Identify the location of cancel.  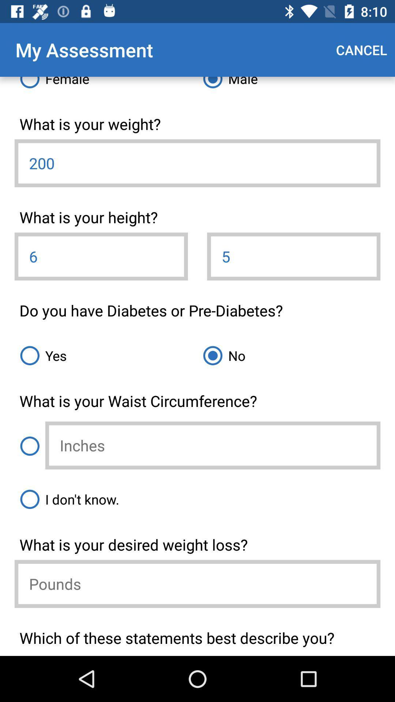
(361, 49).